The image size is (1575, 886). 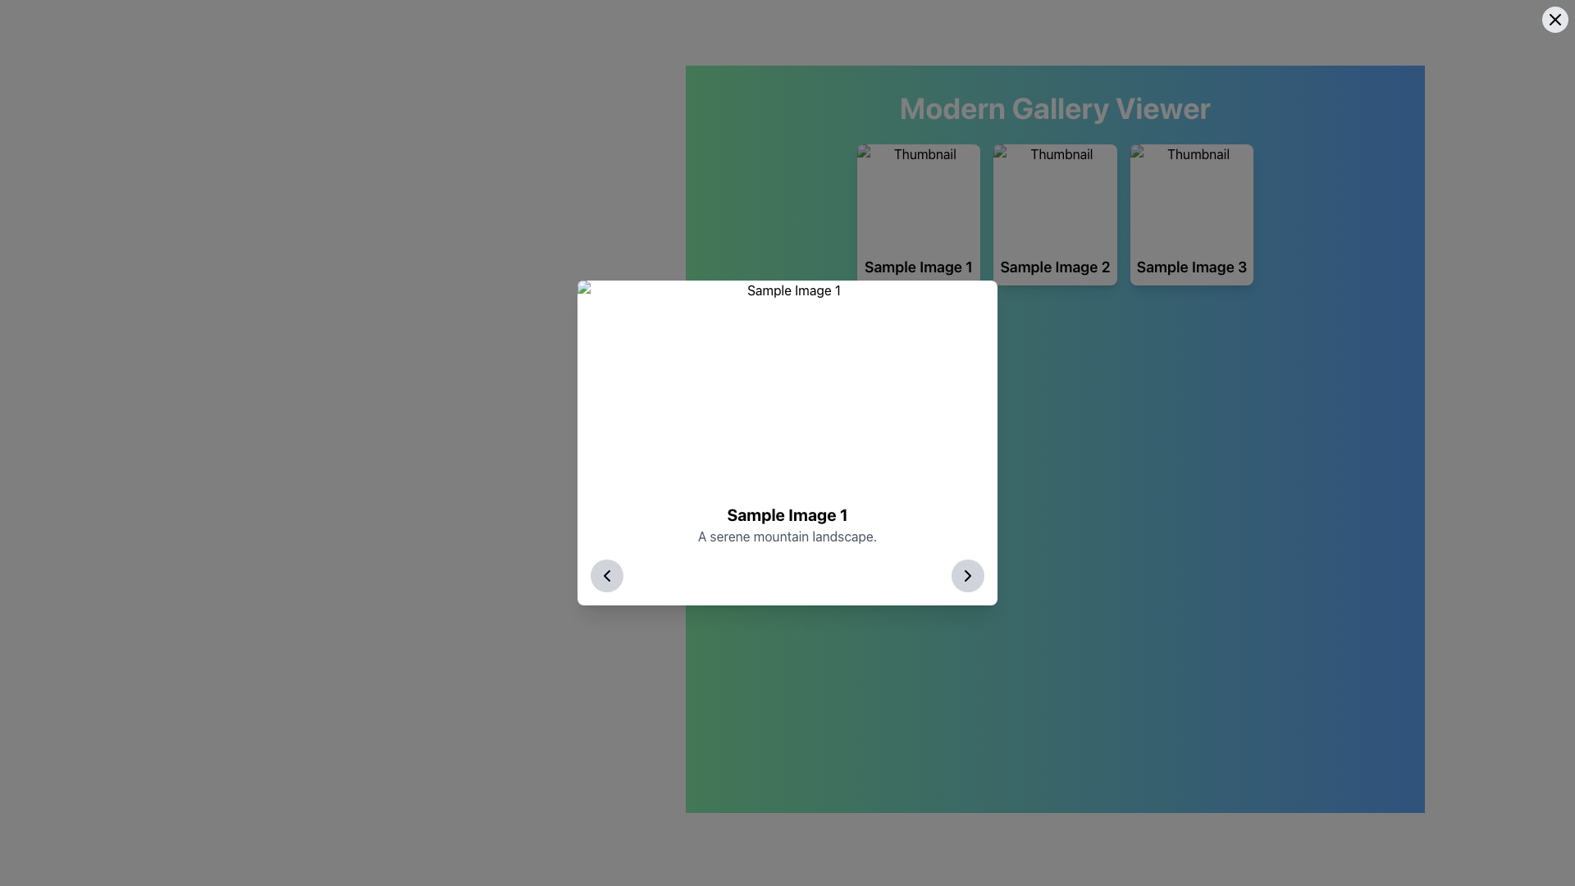 What do you see at coordinates (1055, 107) in the screenshot?
I see `the header text element that indicates the application's purpose as 'Modern Gallery Viewer', located at the top-center of the interface` at bounding box center [1055, 107].